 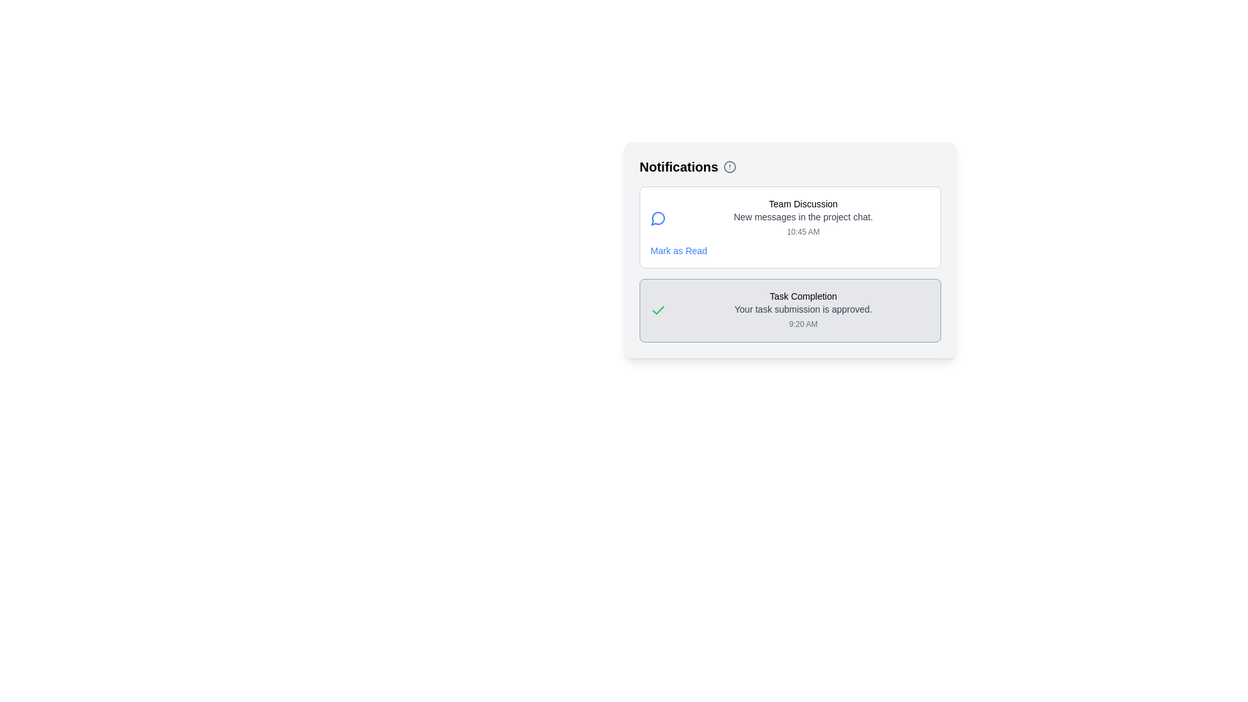 What do you see at coordinates (730, 166) in the screenshot?
I see `the circular element within the SVG that is part of the notification header, prominently positioned near the title 'Notifications'` at bounding box center [730, 166].